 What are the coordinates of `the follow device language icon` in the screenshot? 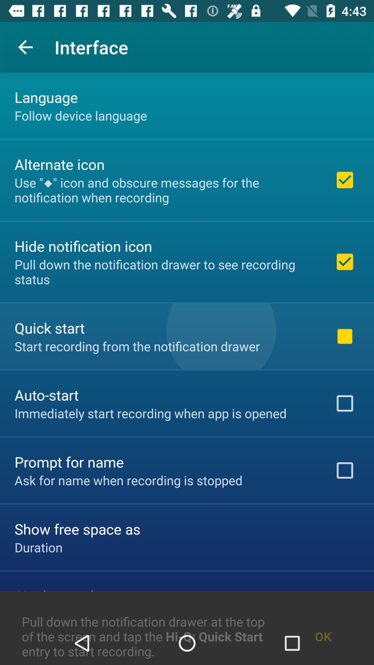 It's located at (80, 115).